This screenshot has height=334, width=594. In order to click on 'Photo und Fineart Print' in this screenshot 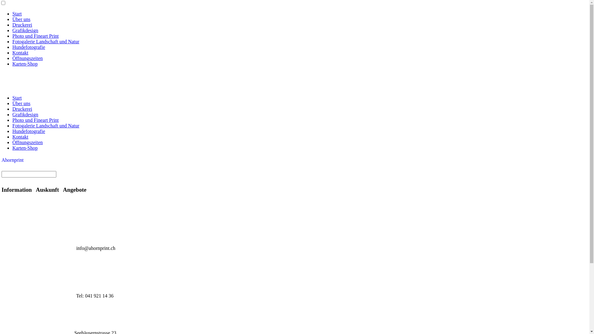, I will do `click(35, 120)`.